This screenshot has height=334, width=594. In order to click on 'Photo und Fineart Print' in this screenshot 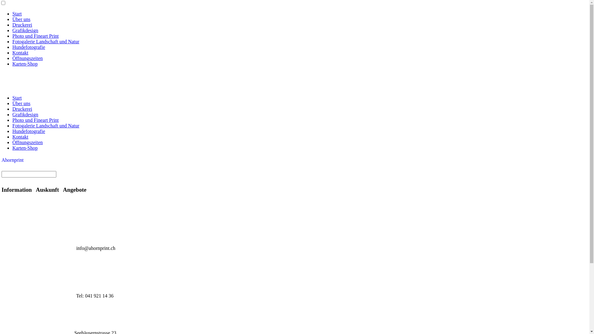, I will do `click(35, 120)`.